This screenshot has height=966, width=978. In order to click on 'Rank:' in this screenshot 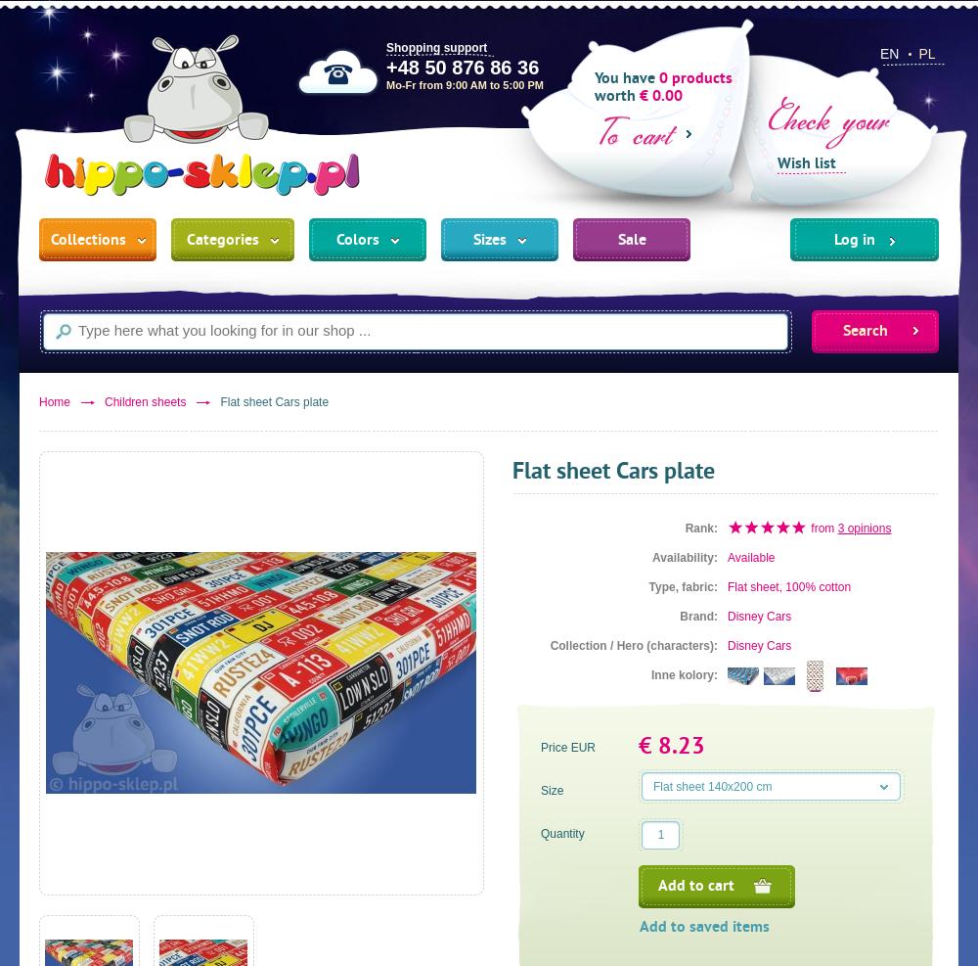, I will do `click(700, 528)`.